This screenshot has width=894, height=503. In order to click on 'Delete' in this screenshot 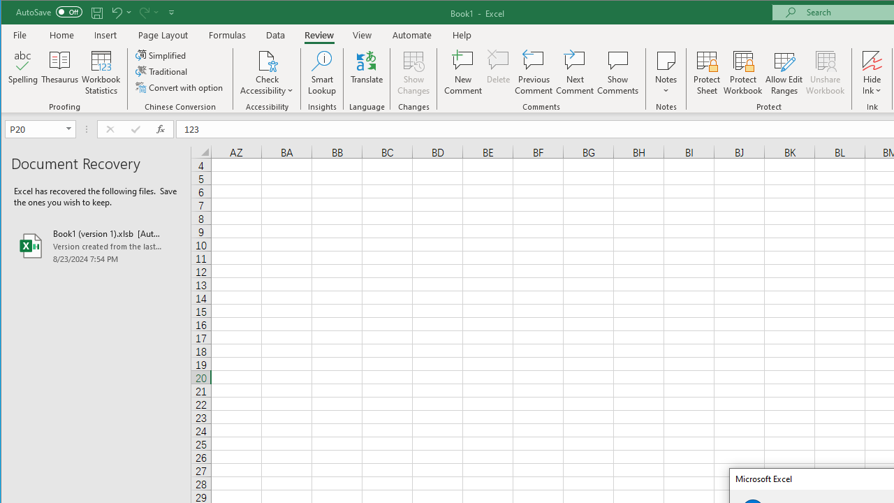, I will do `click(498, 73)`.